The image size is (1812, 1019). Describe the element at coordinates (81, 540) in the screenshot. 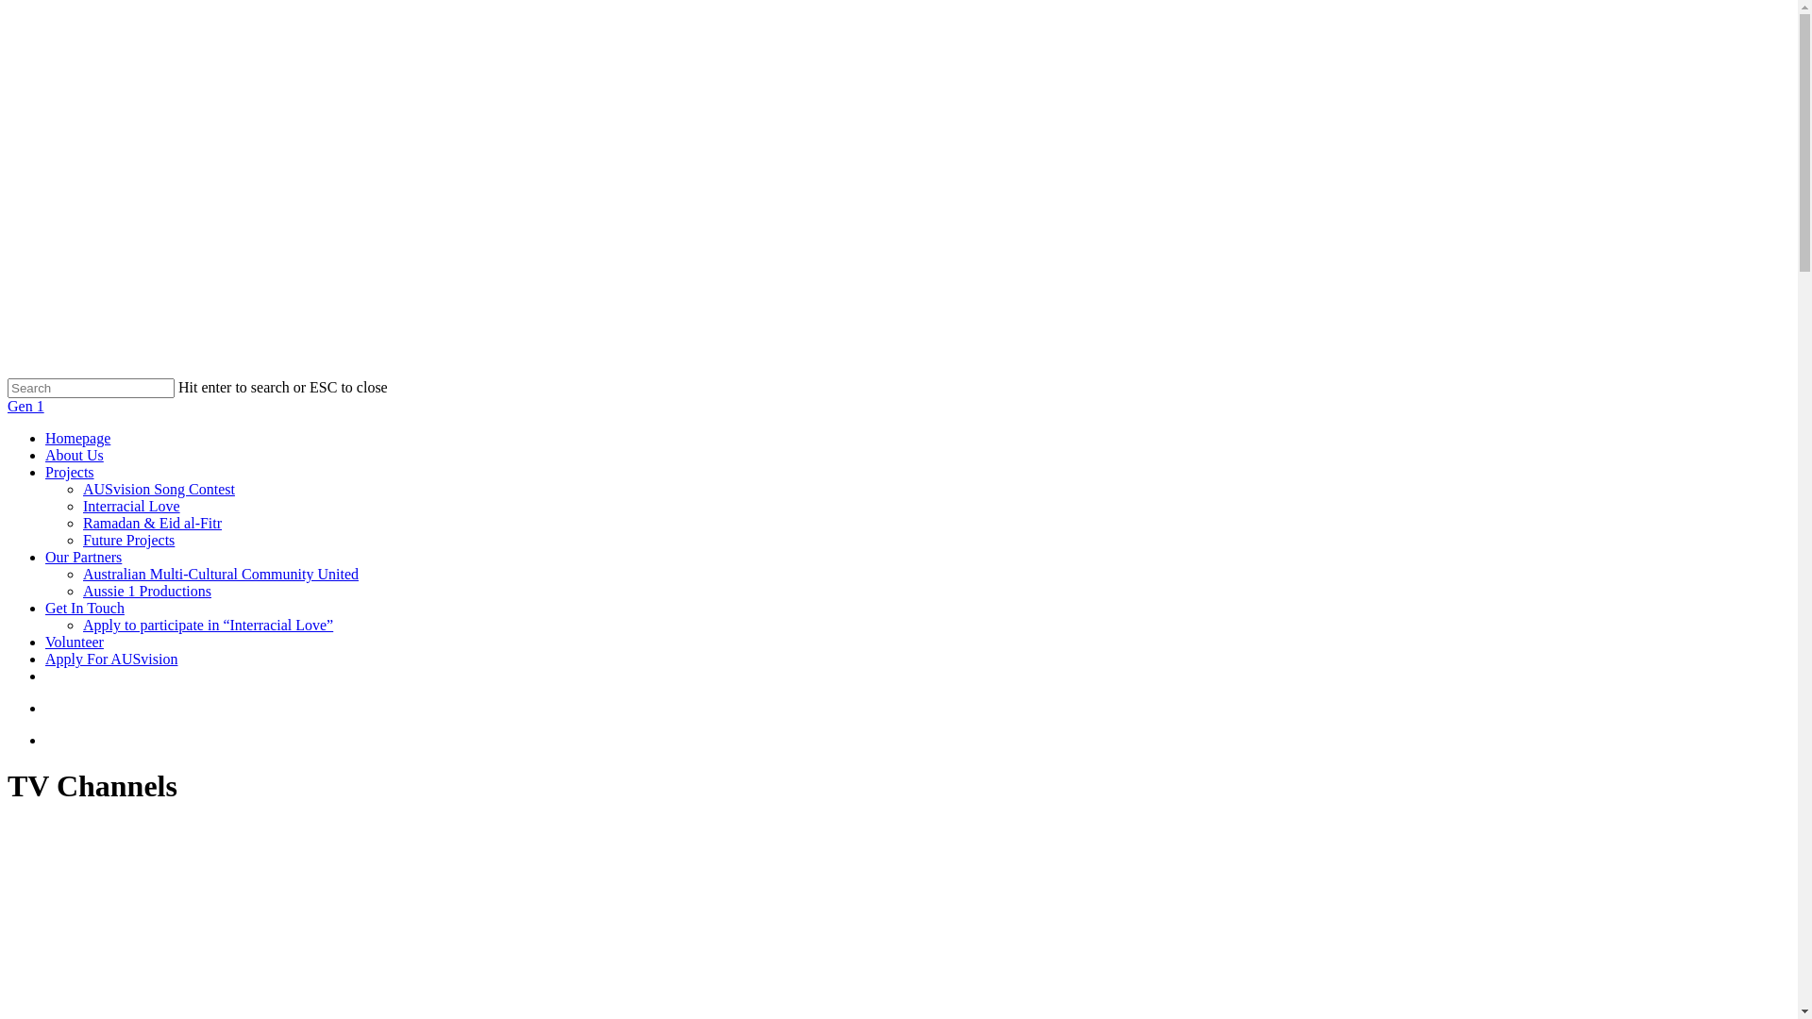

I see `'Future Projects'` at that location.